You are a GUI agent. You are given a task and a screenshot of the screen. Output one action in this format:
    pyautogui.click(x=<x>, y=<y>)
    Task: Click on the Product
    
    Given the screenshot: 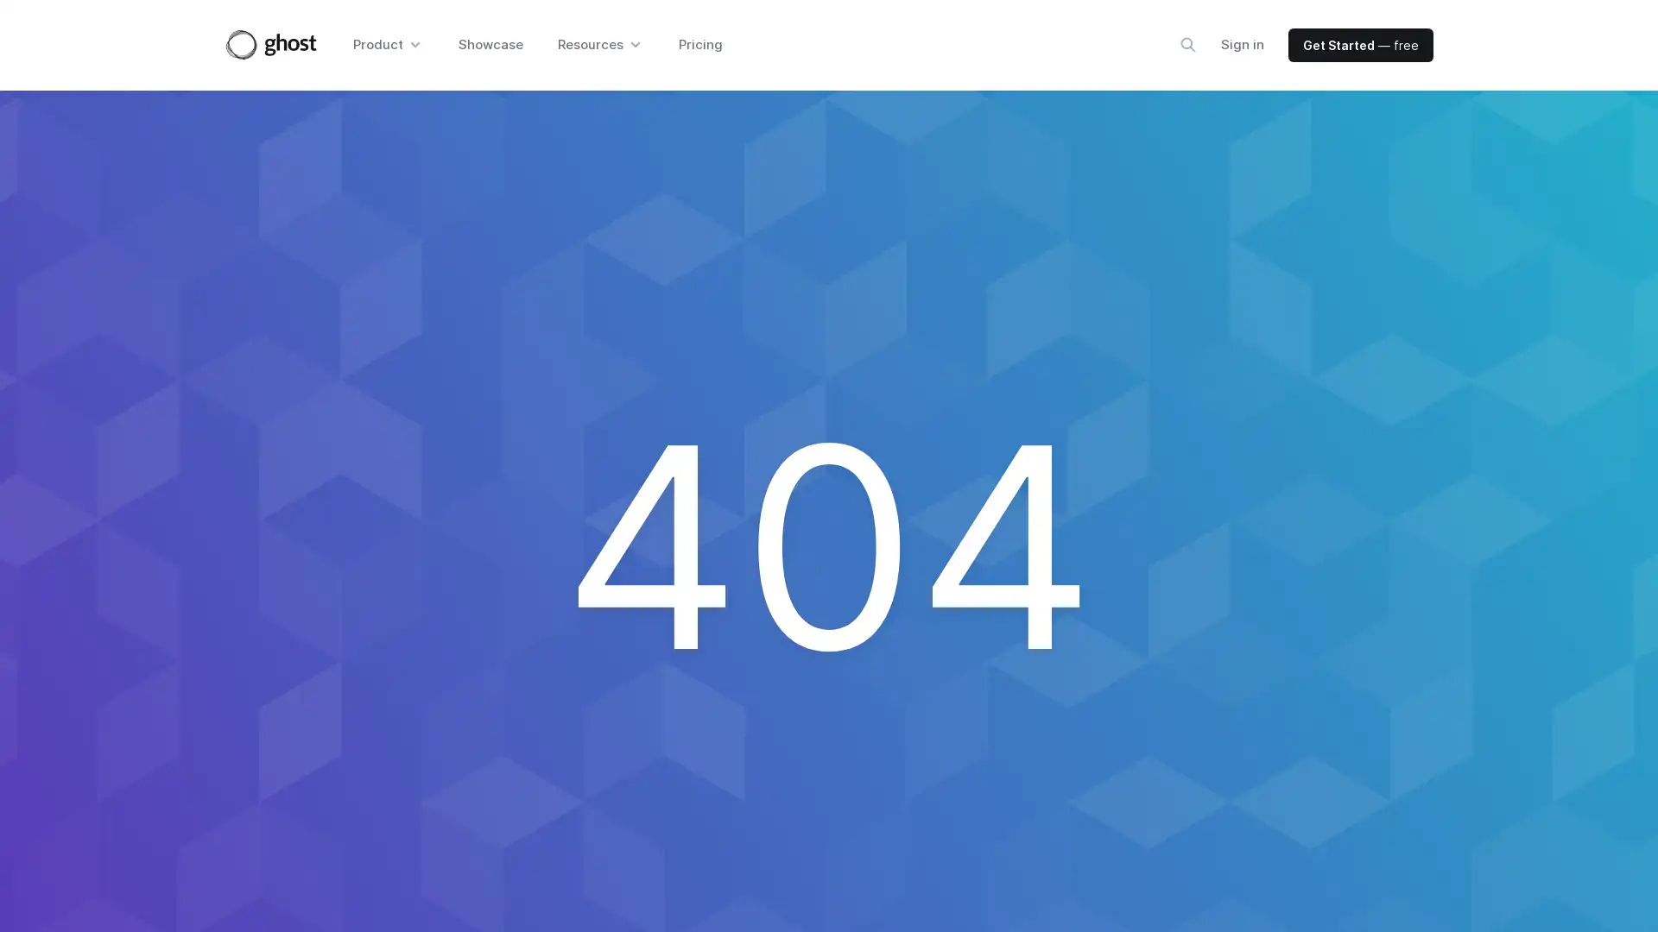 What is the action you would take?
    pyautogui.click(x=387, y=43)
    